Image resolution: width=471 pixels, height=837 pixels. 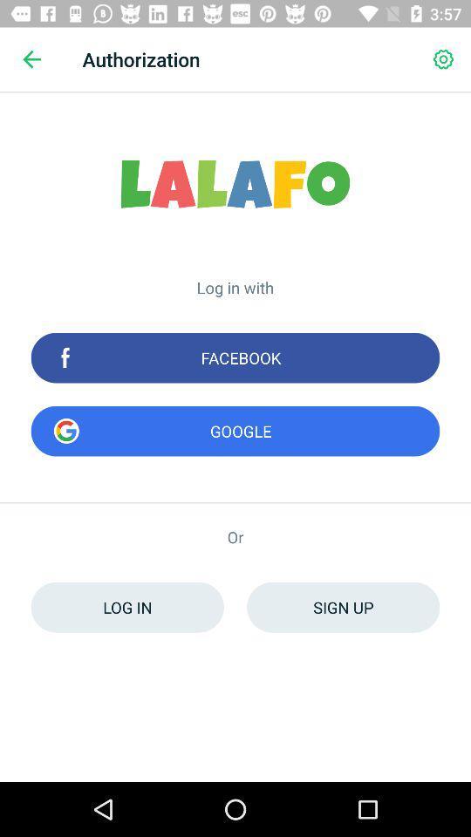 What do you see at coordinates (31, 59) in the screenshot?
I see `icon next to the authorization icon` at bounding box center [31, 59].